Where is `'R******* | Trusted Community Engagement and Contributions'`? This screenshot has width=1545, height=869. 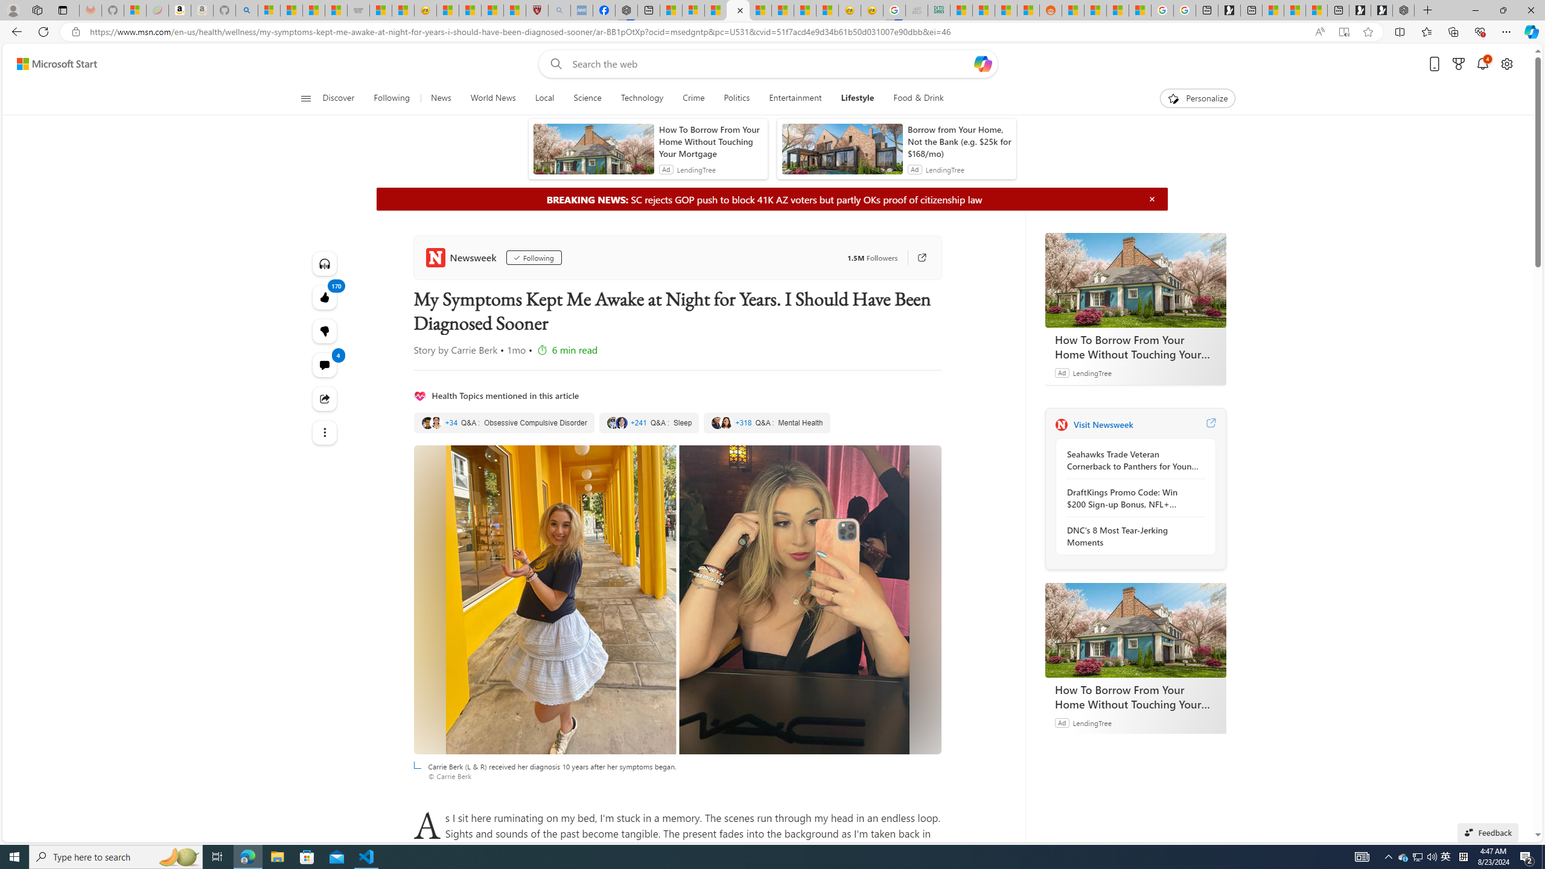 'R******* | Trusted Community Engagement and Contributions' is located at coordinates (1072, 10).